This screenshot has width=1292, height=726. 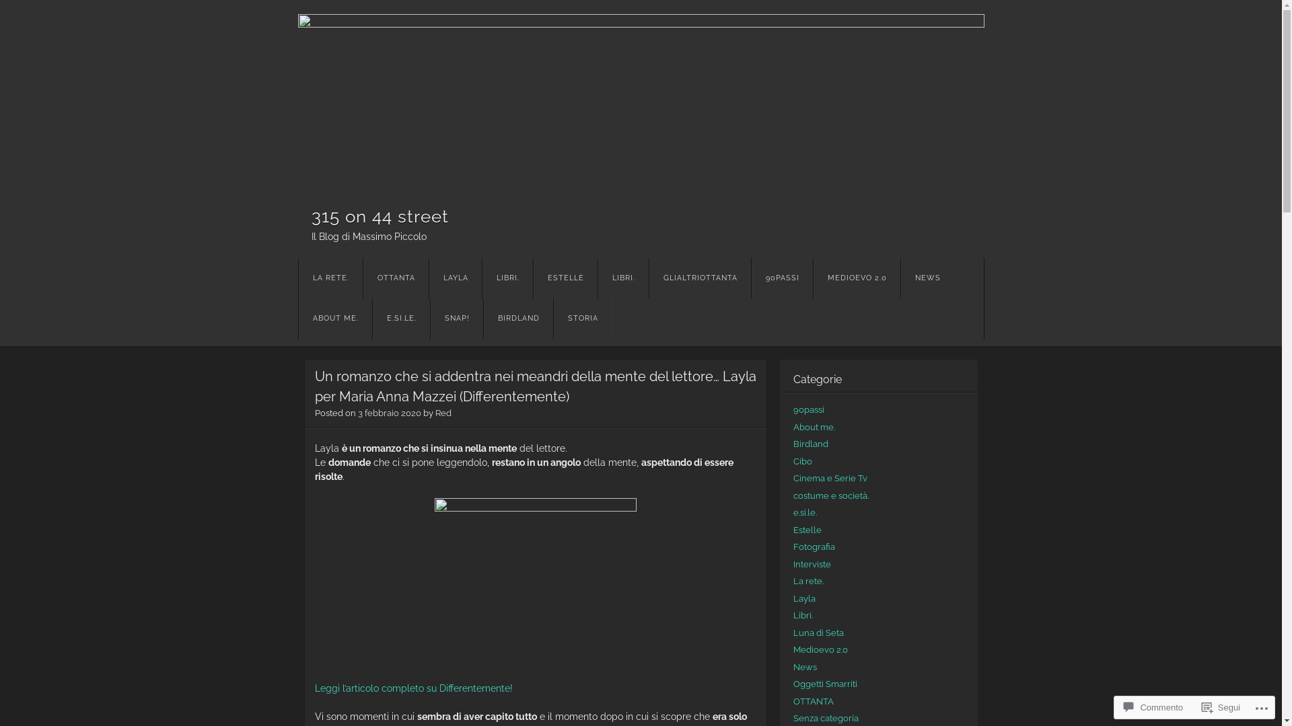 I want to click on '315 on 44 street', so click(x=379, y=214).